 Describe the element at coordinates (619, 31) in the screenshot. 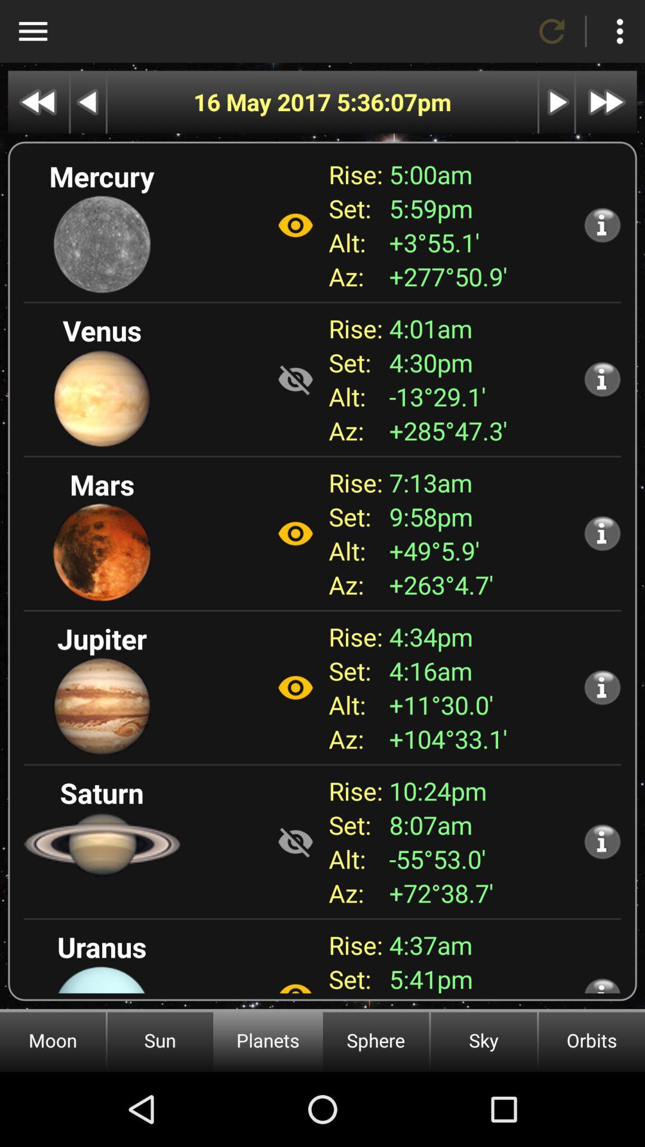

I see `the more icon` at that location.